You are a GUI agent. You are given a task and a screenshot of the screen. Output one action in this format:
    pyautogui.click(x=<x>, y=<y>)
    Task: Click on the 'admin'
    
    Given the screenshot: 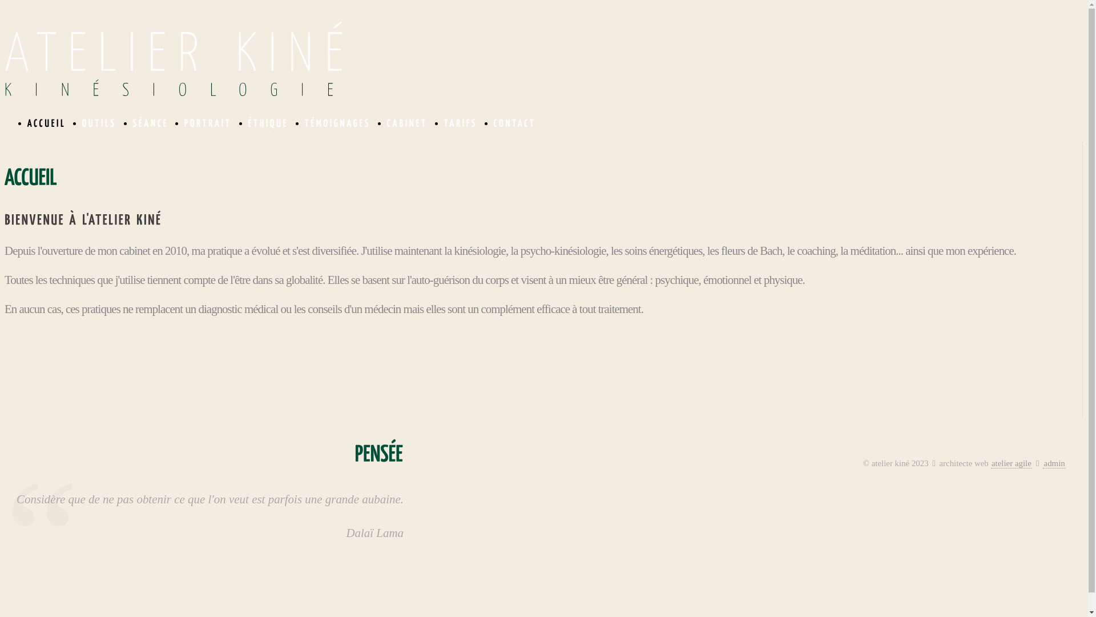 What is the action you would take?
    pyautogui.click(x=1054, y=463)
    